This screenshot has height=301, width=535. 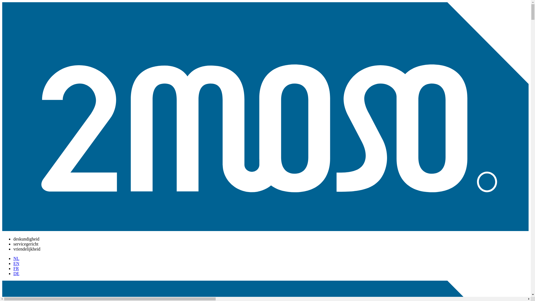 I want to click on 'EN', so click(x=16, y=263).